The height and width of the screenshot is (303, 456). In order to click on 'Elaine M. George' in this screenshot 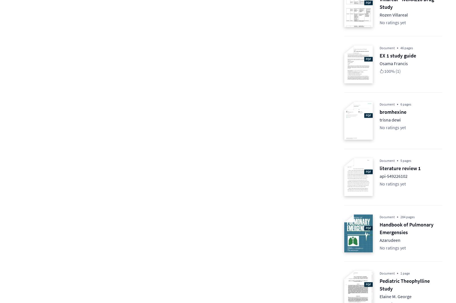, I will do `click(395, 296)`.